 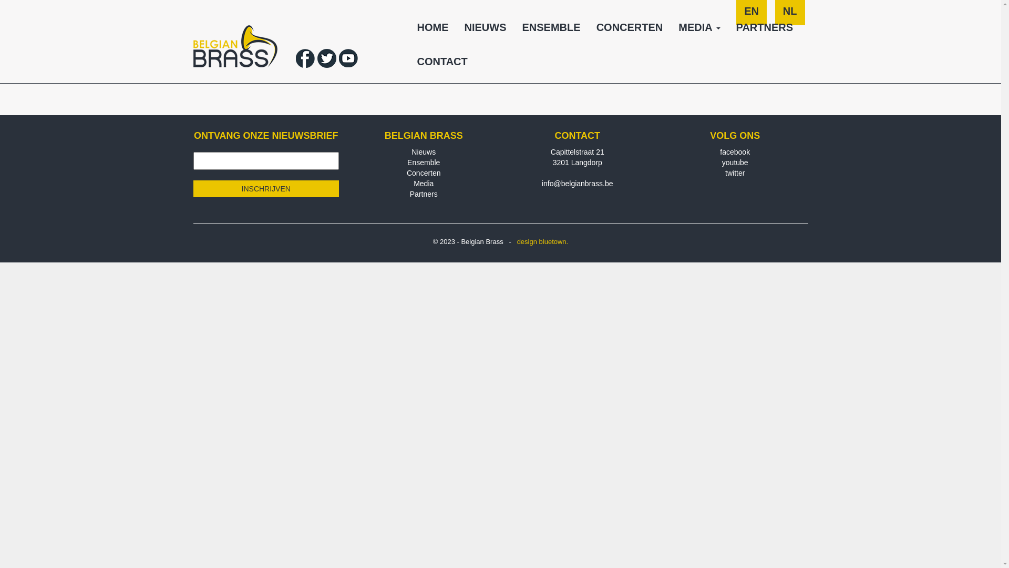 I want to click on 'Ensemble', so click(x=406, y=162).